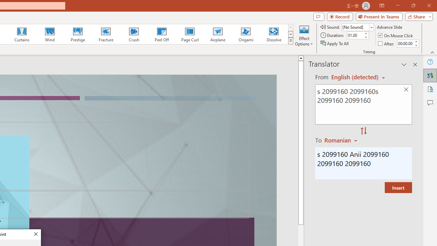 This screenshot has height=246, width=437. What do you see at coordinates (355, 35) in the screenshot?
I see `'Duration'` at bounding box center [355, 35].